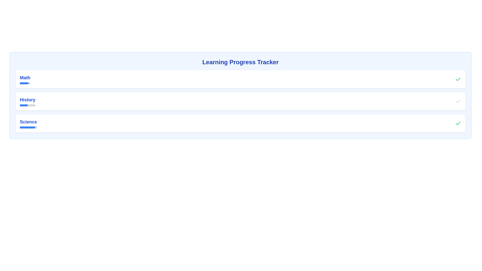  I want to click on the blue progress bar representing 80% fill in the progress tracker interface, positioned over the 'Math' label, so click(24, 83).